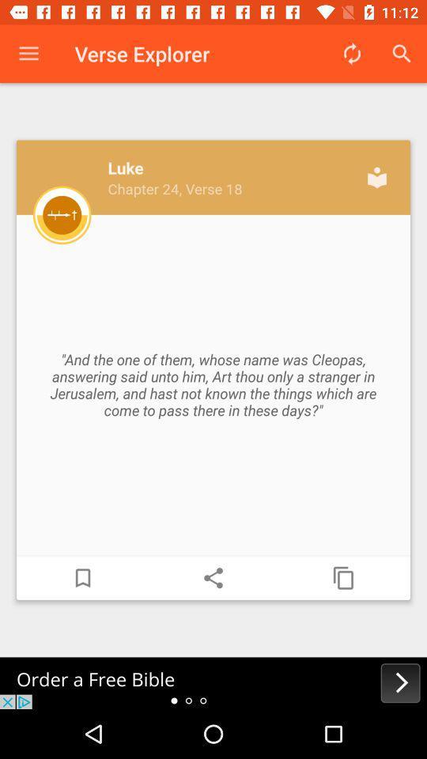  Describe the element at coordinates (82, 577) in the screenshot. I see `bookmark current page` at that location.